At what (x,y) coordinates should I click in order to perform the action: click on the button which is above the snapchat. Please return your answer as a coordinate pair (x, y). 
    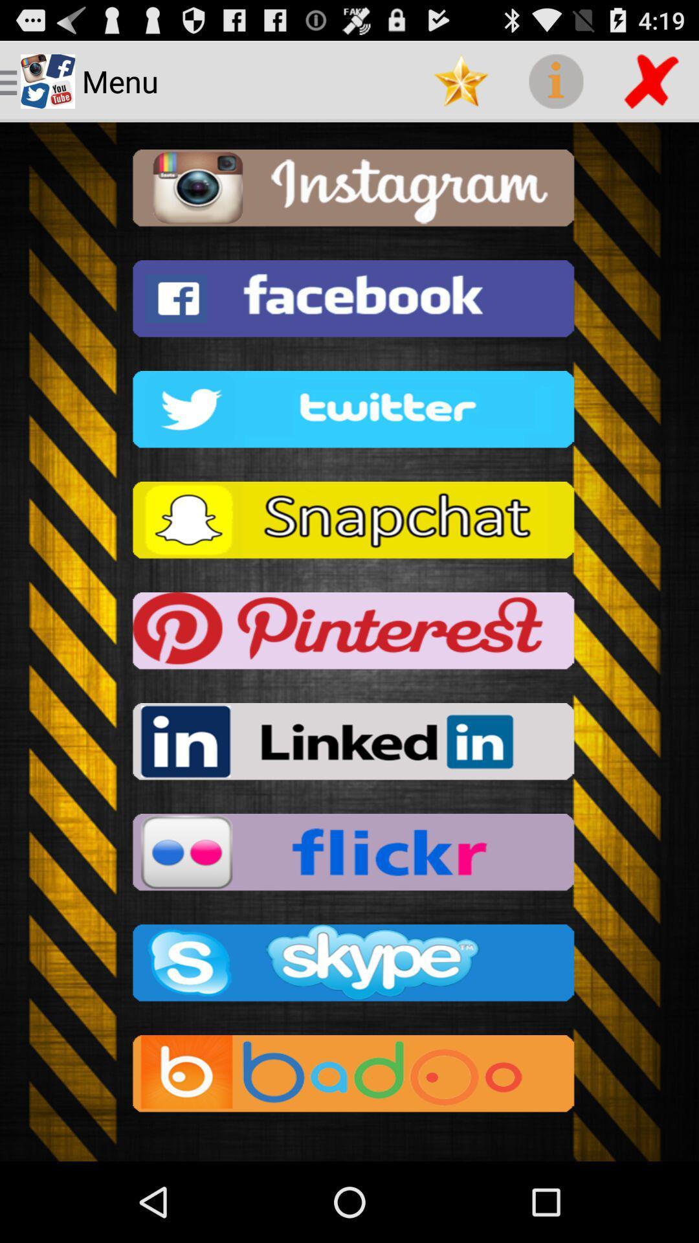
    Looking at the image, I should click on (349, 412).